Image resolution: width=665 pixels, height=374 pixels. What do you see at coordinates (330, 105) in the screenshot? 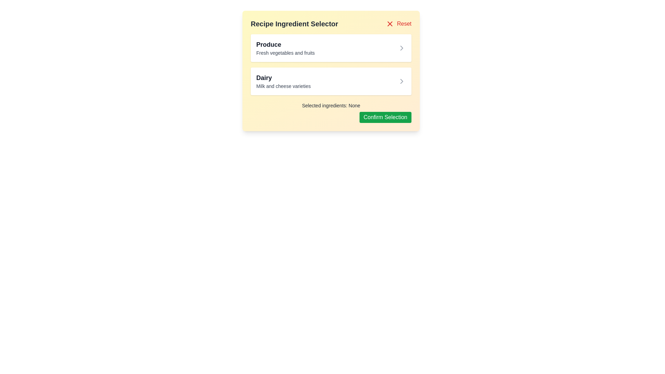
I see `the static text label that displays the current status of selected ingredients, indicating that no ingredients have been selected yet` at bounding box center [330, 105].